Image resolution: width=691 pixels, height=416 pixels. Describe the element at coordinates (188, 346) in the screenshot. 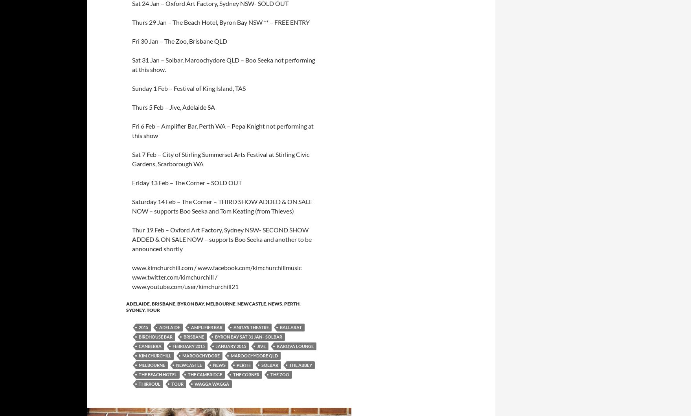

I see `'February 2015'` at that location.